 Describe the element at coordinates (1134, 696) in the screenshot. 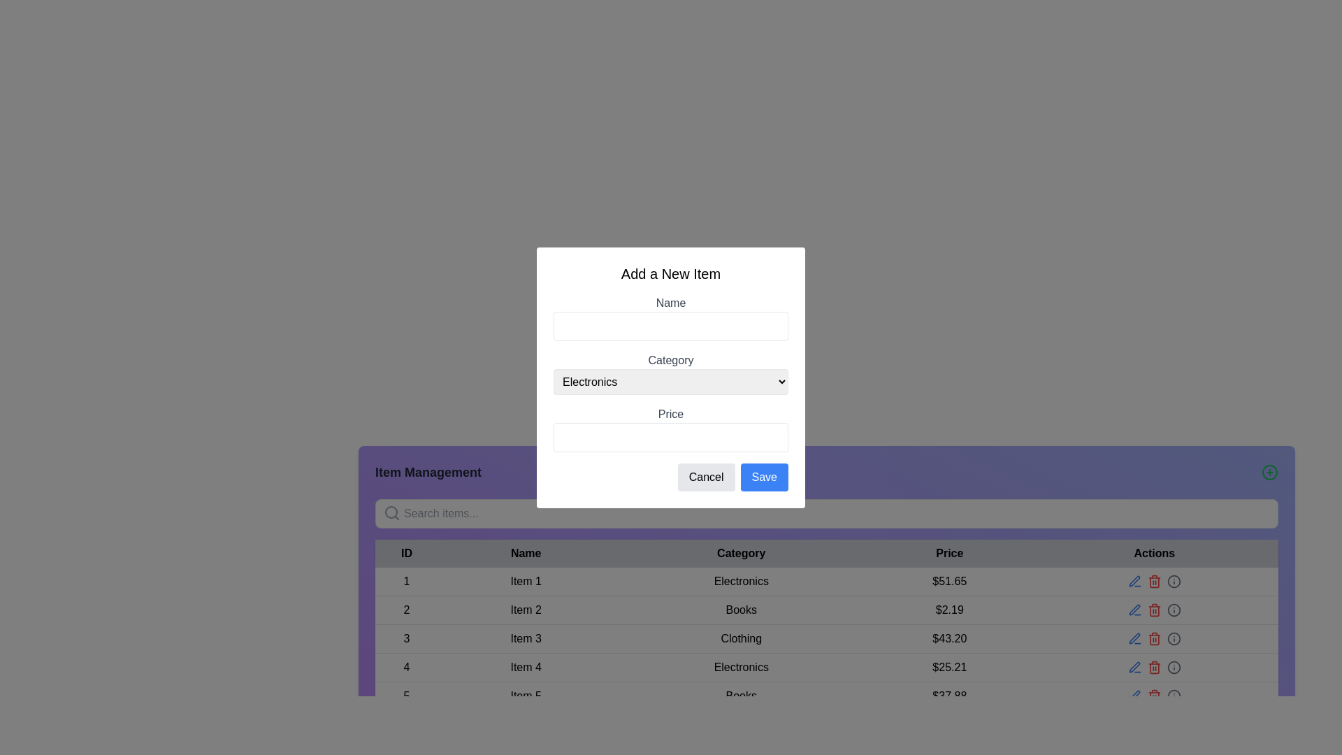

I see `the blue pen icon located in the 'Actions' column of the last row of the table to initiate the edit action` at that location.